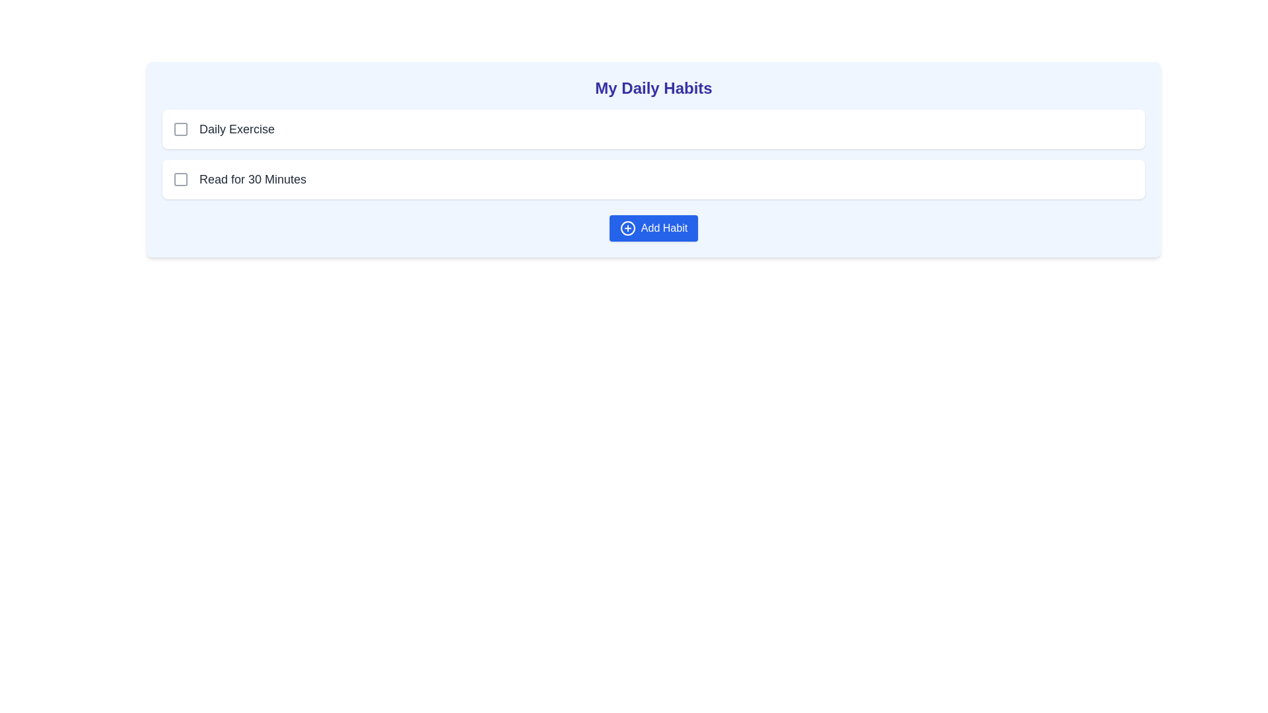 Image resolution: width=1268 pixels, height=713 pixels. Describe the element at coordinates (180, 129) in the screenshot. I see `the SVG Icon located to the left of the 'Daily Exercise' text` at that location.